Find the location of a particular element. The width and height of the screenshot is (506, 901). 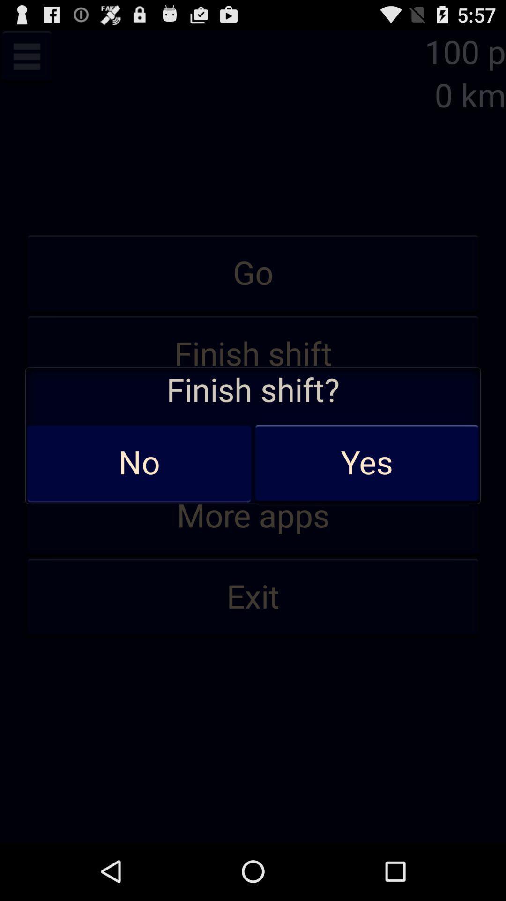

app below statistic is located at coordinates (253, 516).